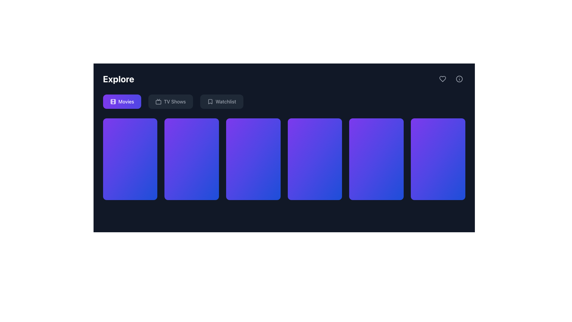 Image resolution: width=572 pixels, height=322 pixels. What do you see at coordinates (119, 79) in the screenshot?
I see `the bold, large-sized white text label reading 'Explore', which is prominently positioned in the upper-left section of the interface` at bounding box center [119, 79].